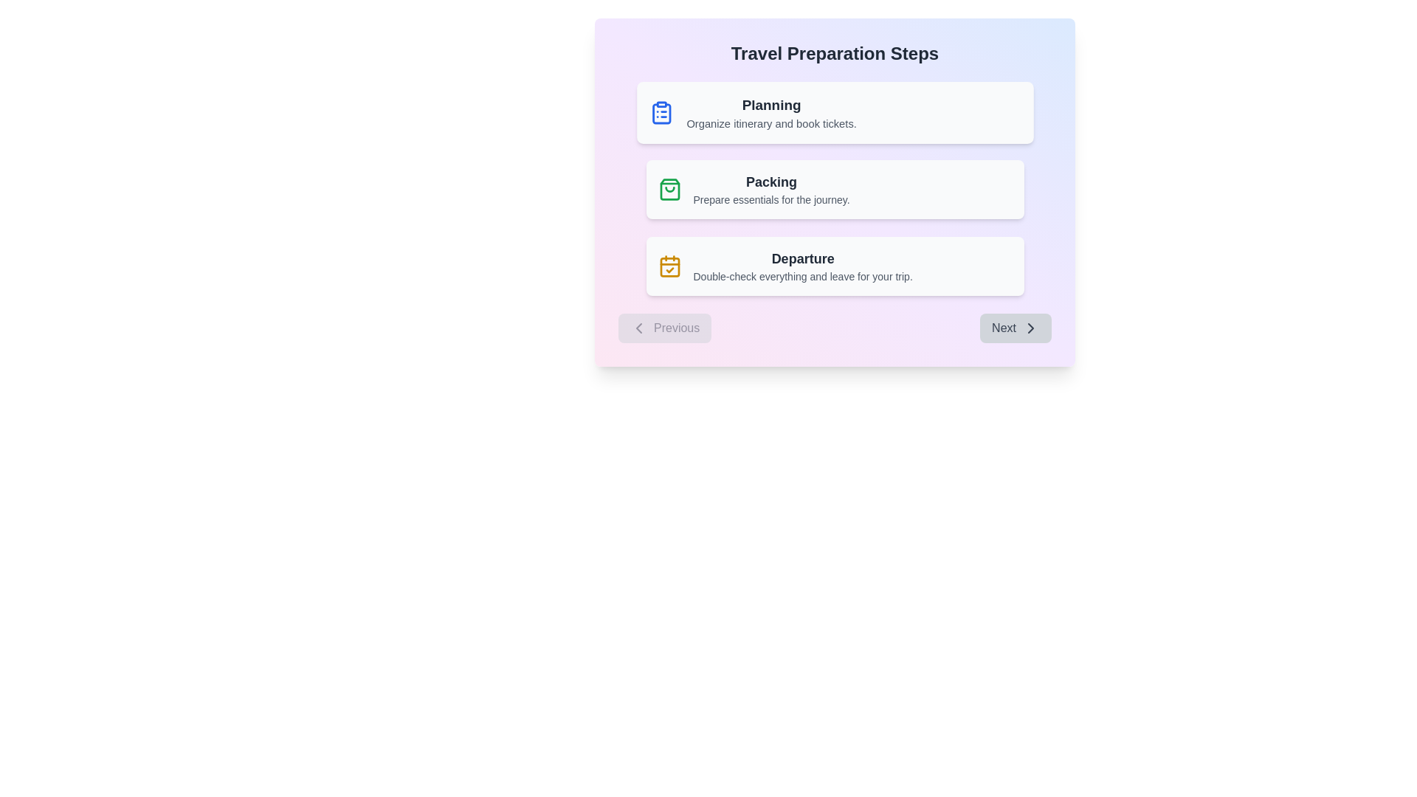  What do you see at coordinates (770, 181) in the screenshot?
I see `text content of the Text Element displaying 'Packing' in bold, dark gray font located at the top of the middle card in the center section of the layout` at bounding box center [770, 181].